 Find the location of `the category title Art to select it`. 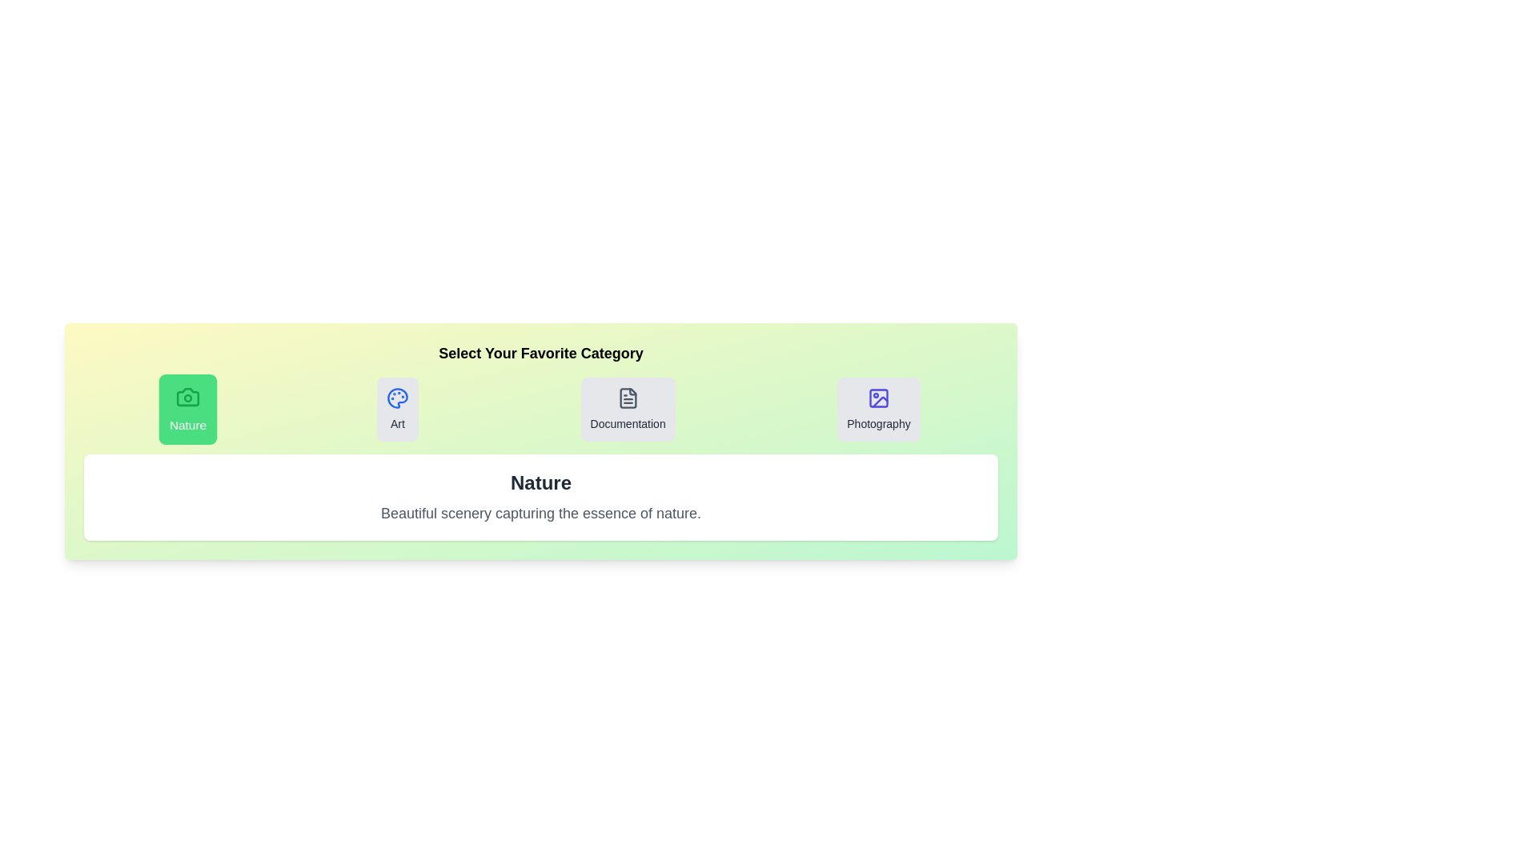

the category title Art to select it is located at coordinates (396, 409).